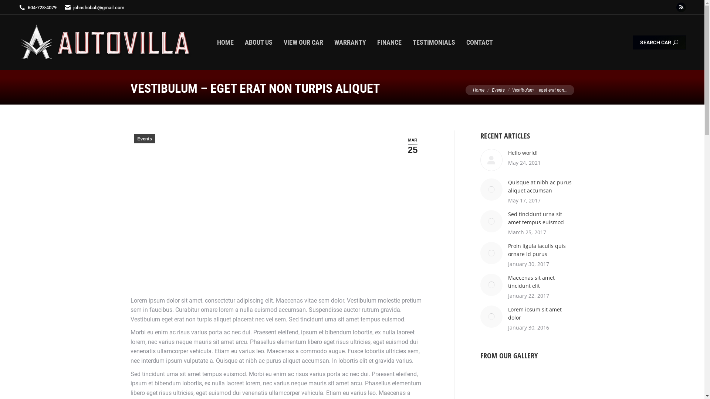 This screenshot has height=399, width=710. I want to click on 'Rss page opens in new window', so click(681, 7).